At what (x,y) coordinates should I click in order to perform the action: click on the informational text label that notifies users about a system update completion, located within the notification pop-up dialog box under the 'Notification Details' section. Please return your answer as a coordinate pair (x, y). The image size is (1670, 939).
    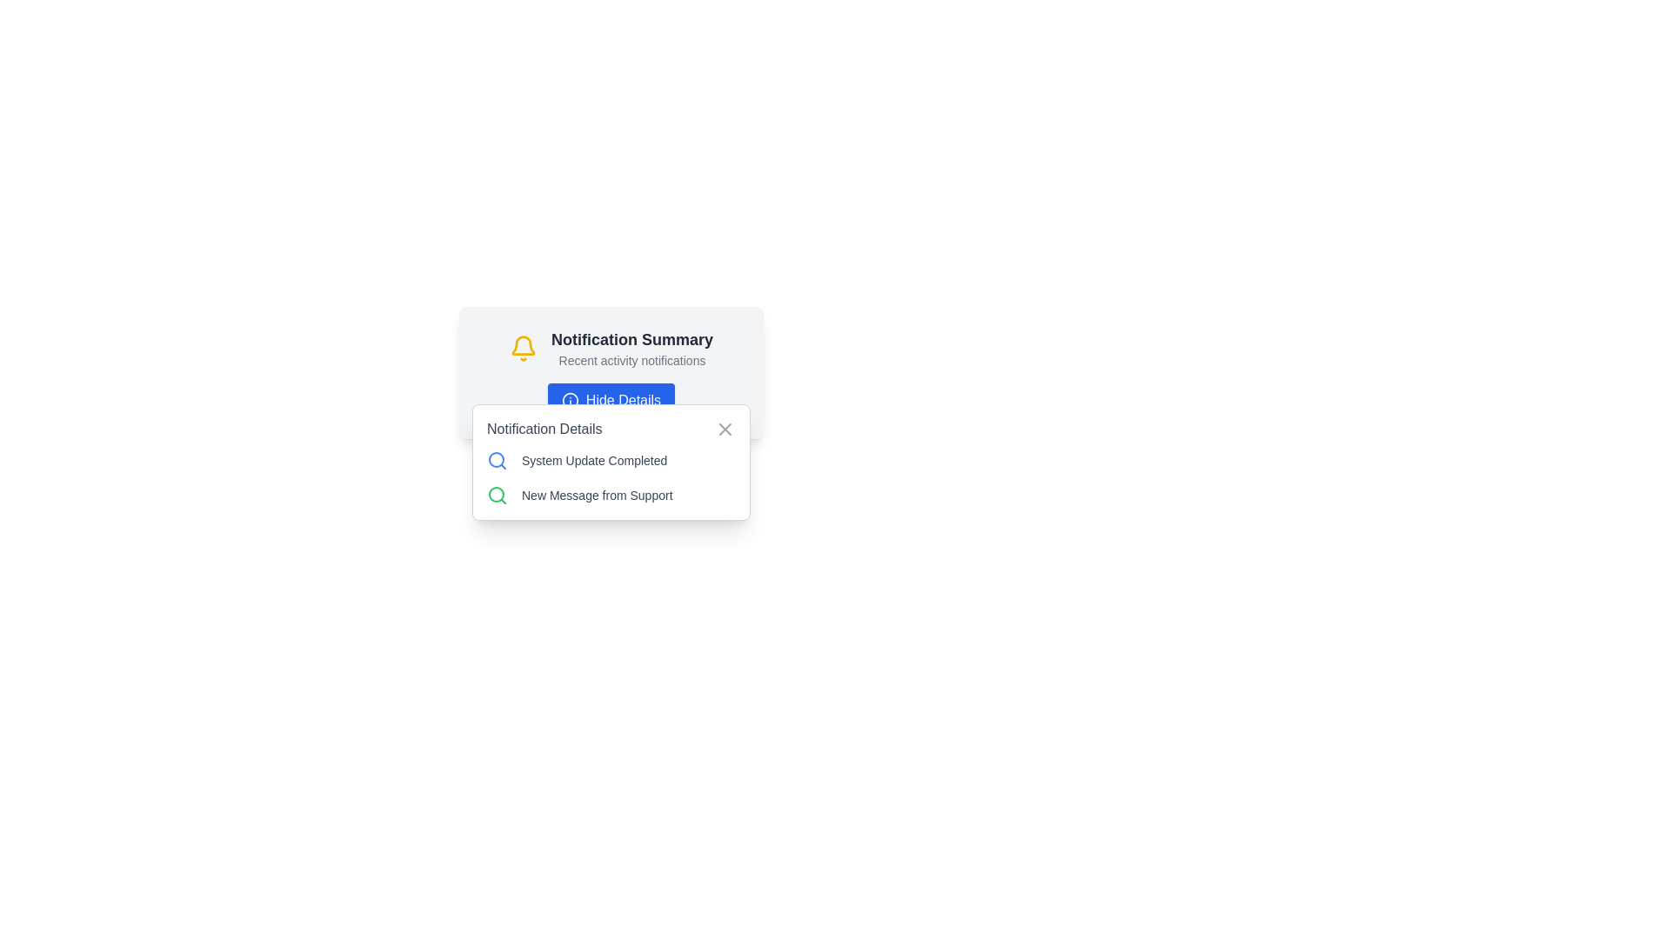
    Looking at the image, I should click on (594, 459).